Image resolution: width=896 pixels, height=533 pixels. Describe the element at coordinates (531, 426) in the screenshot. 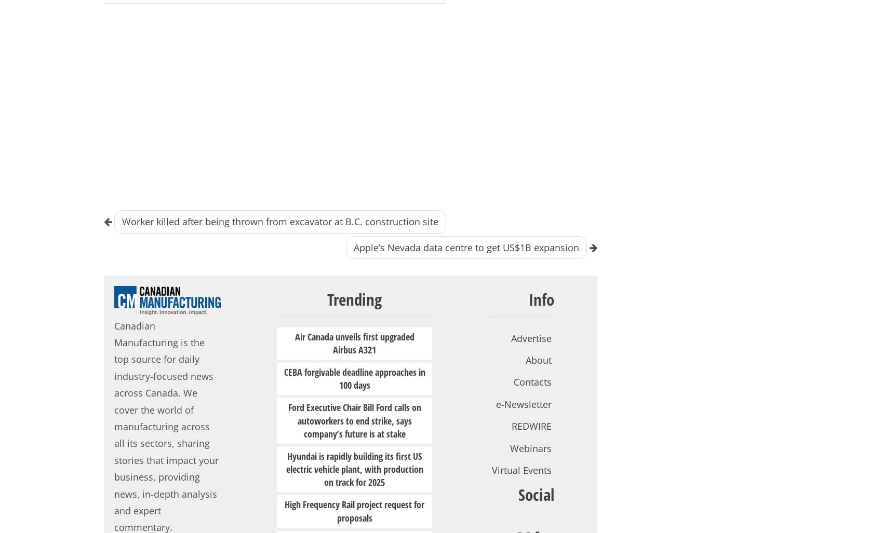

I see `'REDWIRE'` at that location.